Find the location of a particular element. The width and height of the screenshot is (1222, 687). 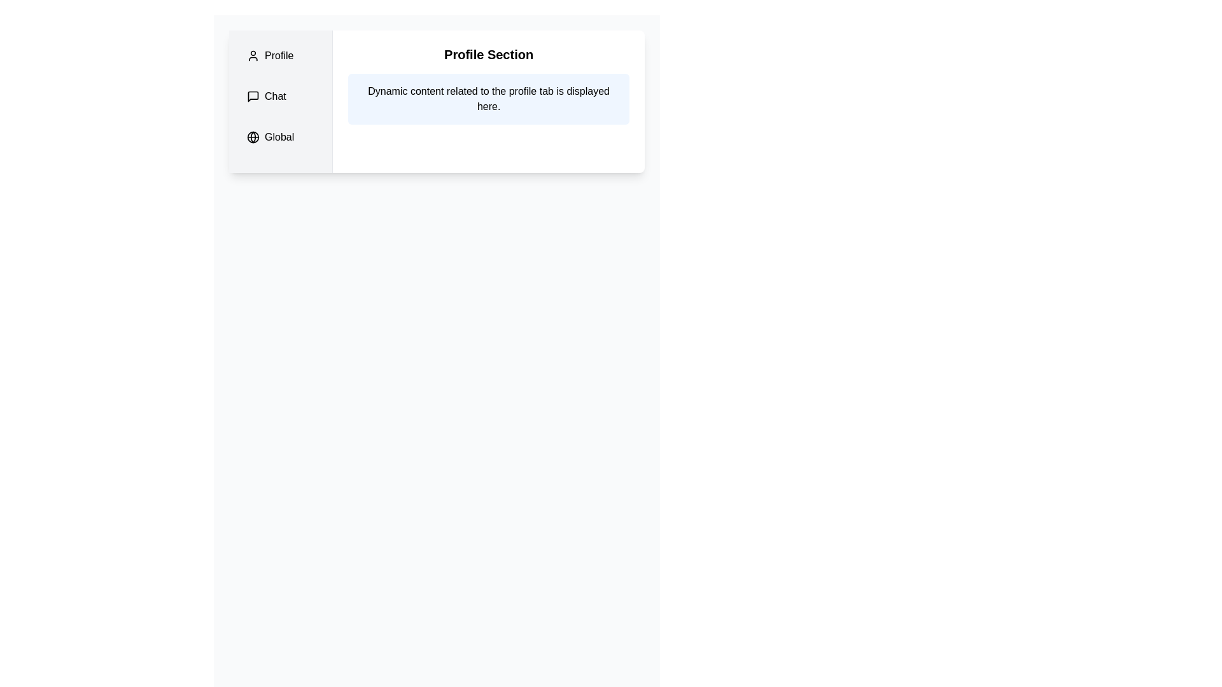

the user profile indicator icon located in the 'Profile' tab of the vertical navigation menu, positioned to the left of the 'Profile' label text is located at coordinates (253, 55).